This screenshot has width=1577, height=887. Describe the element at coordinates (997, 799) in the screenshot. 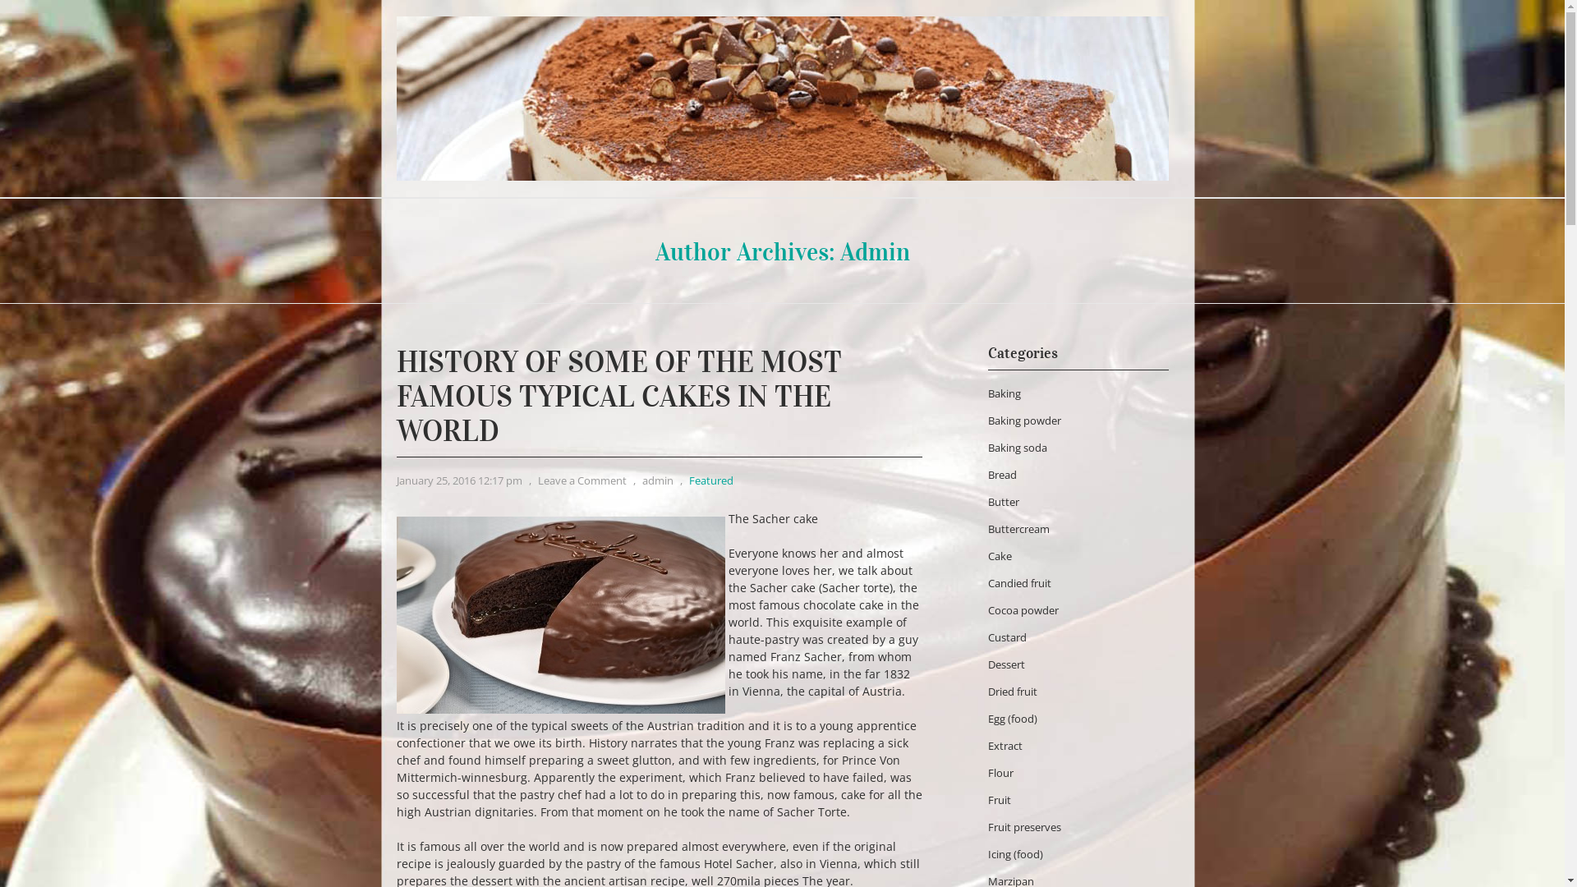

I see `'Fruit'` at that location.